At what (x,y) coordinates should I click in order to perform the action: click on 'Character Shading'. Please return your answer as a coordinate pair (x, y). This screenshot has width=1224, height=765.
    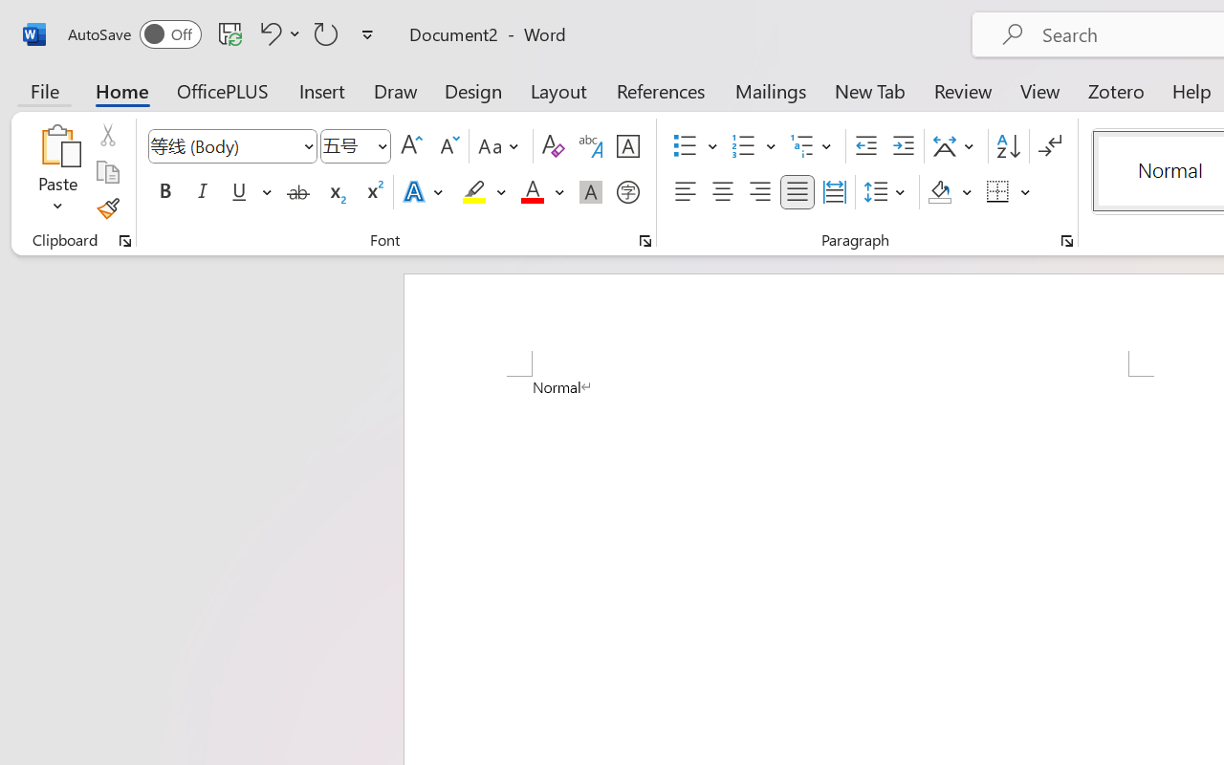
    Looking at the image, I should click on (590, 192).